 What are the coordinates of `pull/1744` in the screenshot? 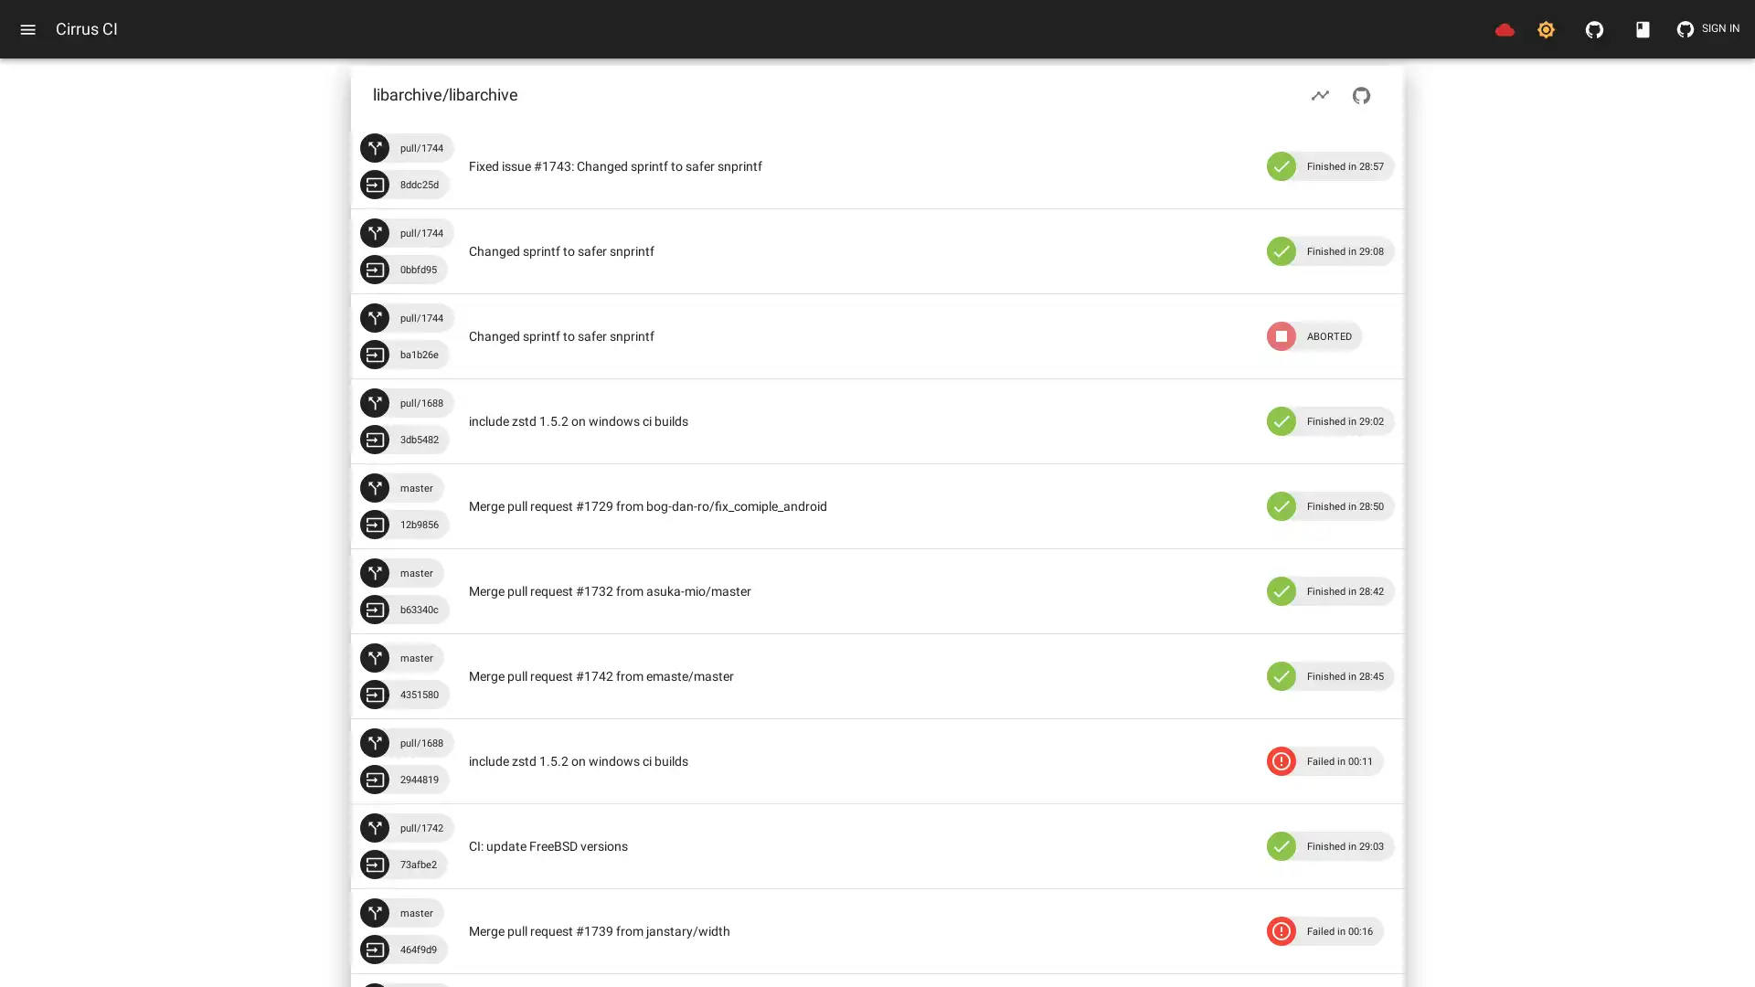 It's located at (406, 231).